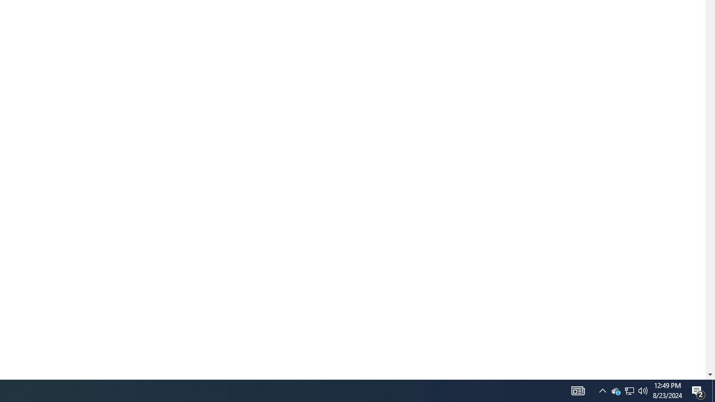 The height and width of the screenshot is (402, 715). What do you see at coordinates (615, 390) in the screenshot?
I see `'User Promoted Notification Area'` at bounding box center [615, 390].